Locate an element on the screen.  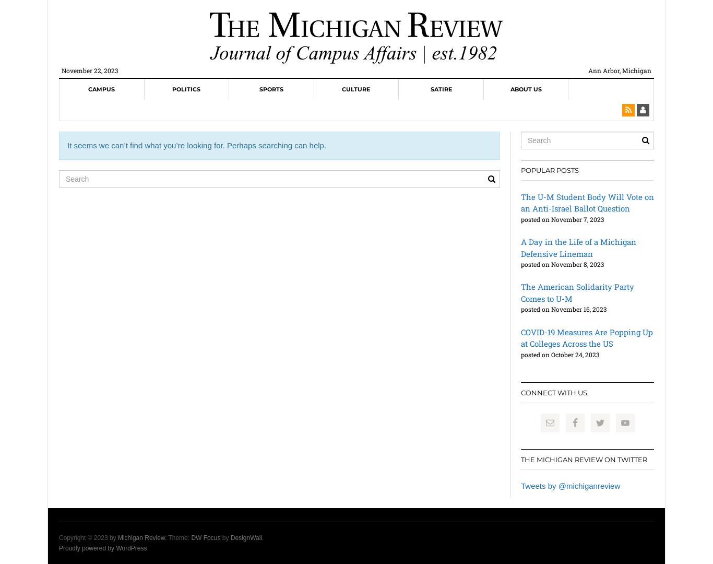
'.' is located at coordinates (262, 537).